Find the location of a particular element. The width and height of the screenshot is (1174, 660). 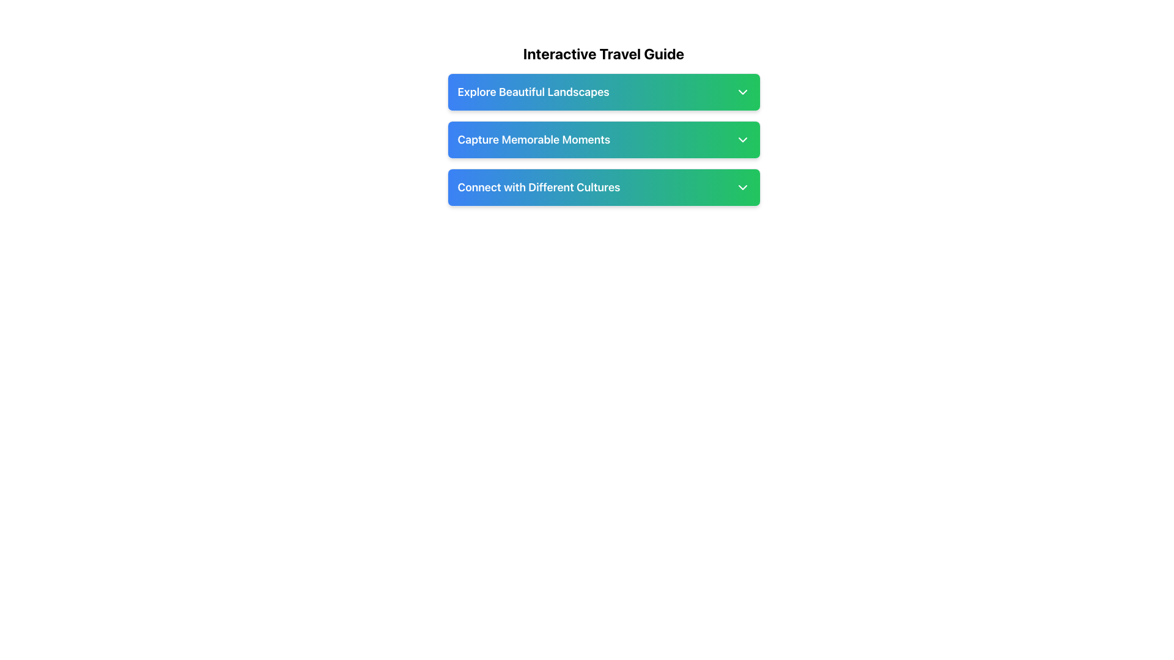

the dropdown trigger for 'Connecting with Different Cultures' is located at coordinates (604, 188).